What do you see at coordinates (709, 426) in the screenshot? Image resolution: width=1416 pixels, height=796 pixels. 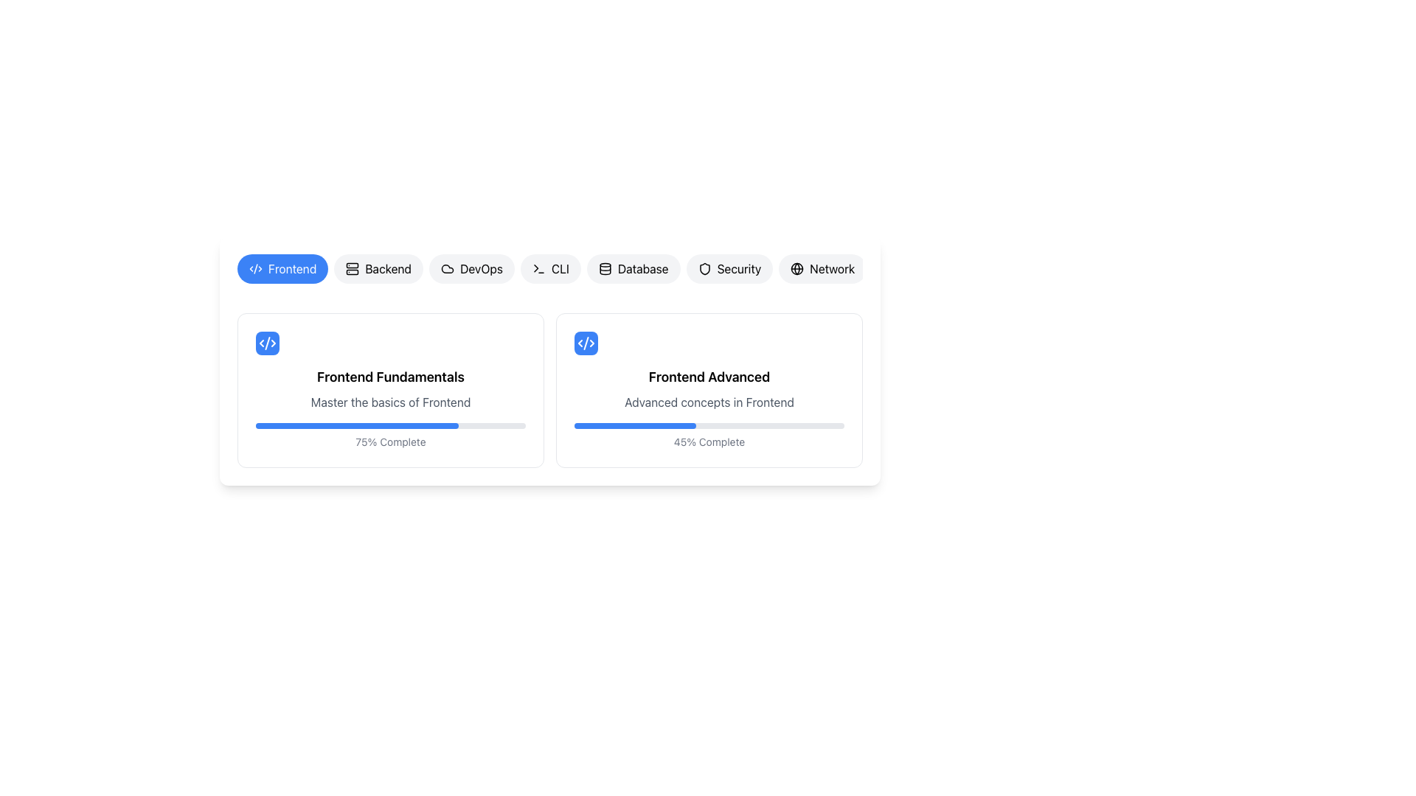 I see `the progress bar located at the bottom of the 'Frontend Advanced' card, which has a gray background and a blue foreground indicating progress percentage` at bounding box center [709, 426].